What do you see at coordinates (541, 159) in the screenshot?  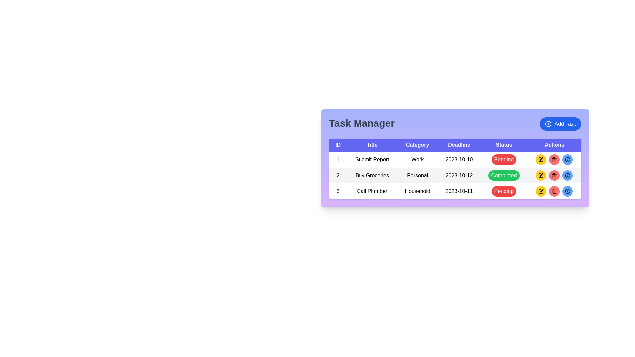 I see `the circular yellow button with a black pen icon` at bounding box center [541, 159].